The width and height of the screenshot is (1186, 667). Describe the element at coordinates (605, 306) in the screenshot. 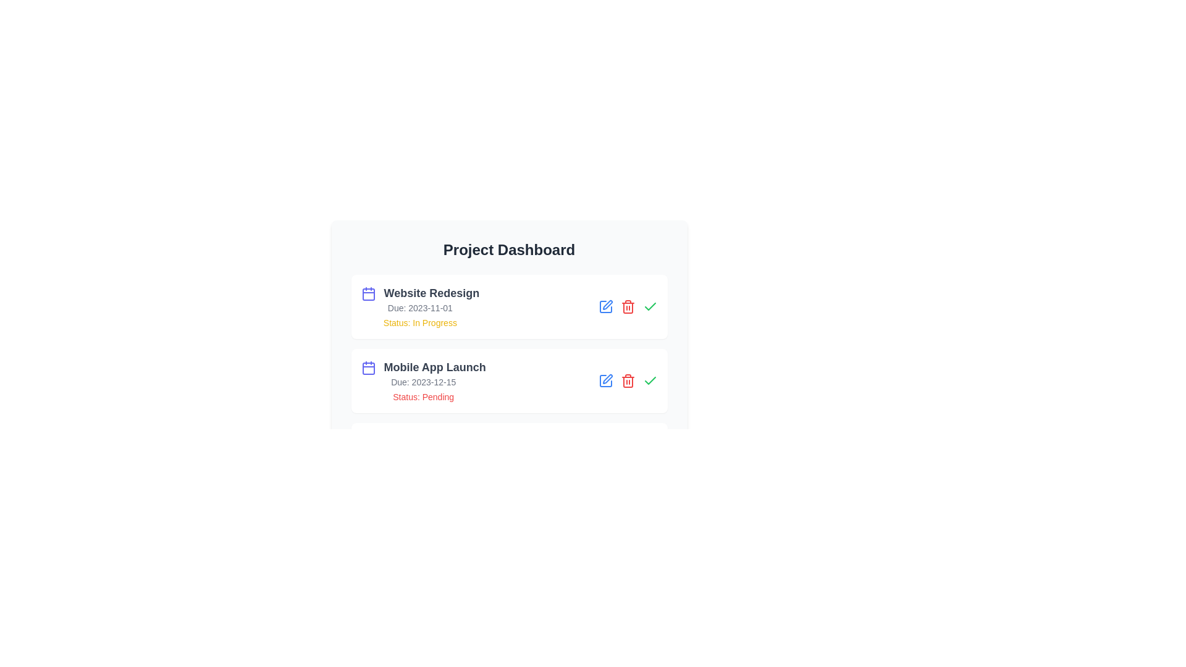

I see `the edit button for the project Website Redesign` at that location.